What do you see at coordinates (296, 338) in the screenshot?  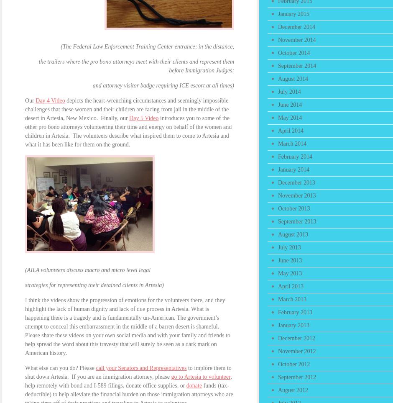 I see `'December 2012'` at bounding box center [296, 338].